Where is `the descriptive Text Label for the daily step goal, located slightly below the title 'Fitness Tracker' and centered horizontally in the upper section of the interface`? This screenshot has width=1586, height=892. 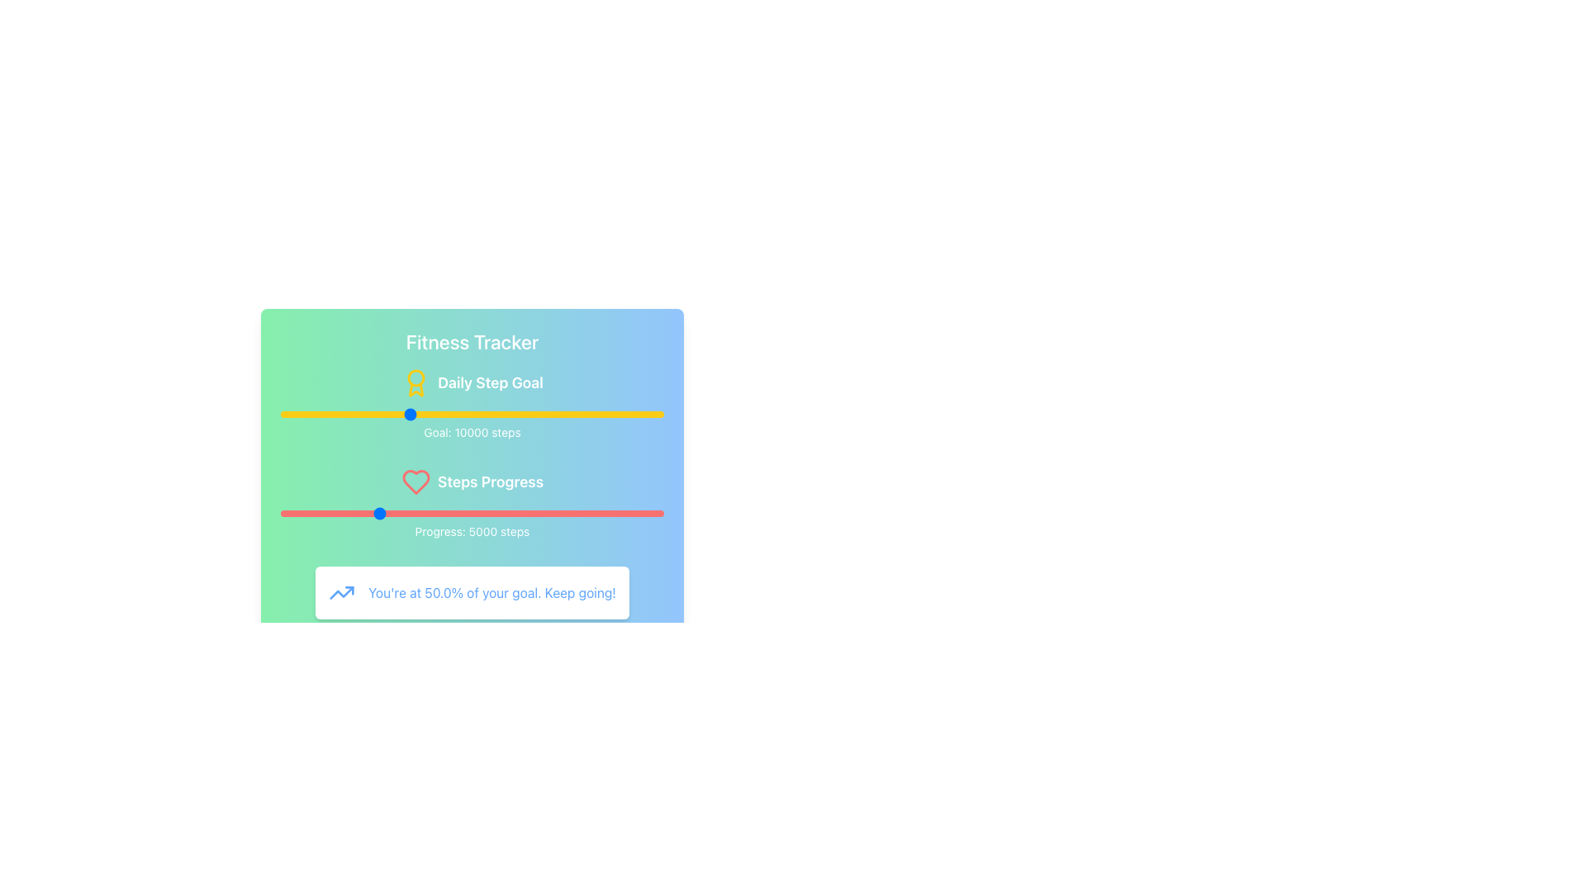 the descriptive Text Label for the daily step goal, located slightly below the title 'Fitness Tracker' and centered horizontally in the upper section of the interface is located at coordinates (490, 382).